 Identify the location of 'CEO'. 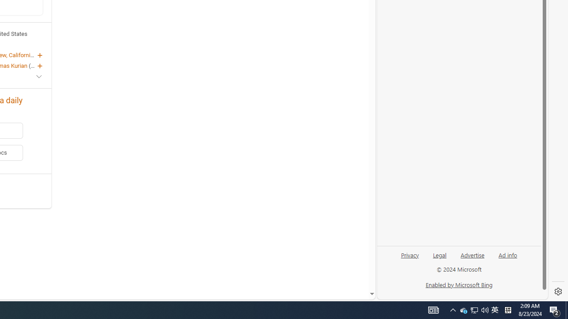
(35, 65).